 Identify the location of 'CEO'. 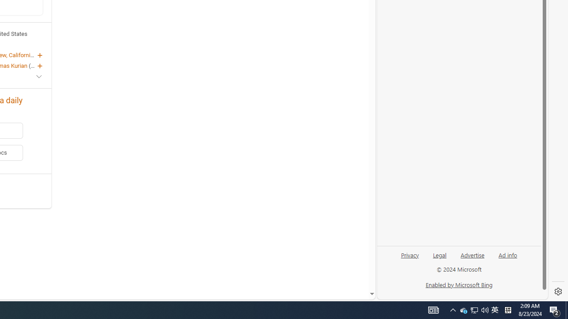
(35, 65).